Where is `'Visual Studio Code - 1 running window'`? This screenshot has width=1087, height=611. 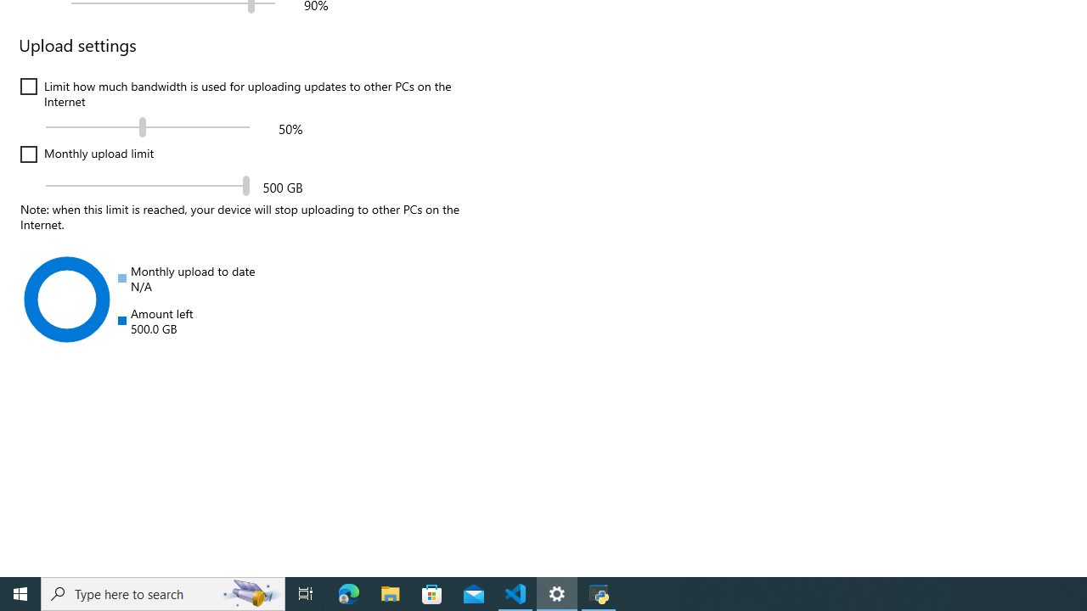
'Visual Studio Code - 1 running window' is located at coordinates (515, 592).